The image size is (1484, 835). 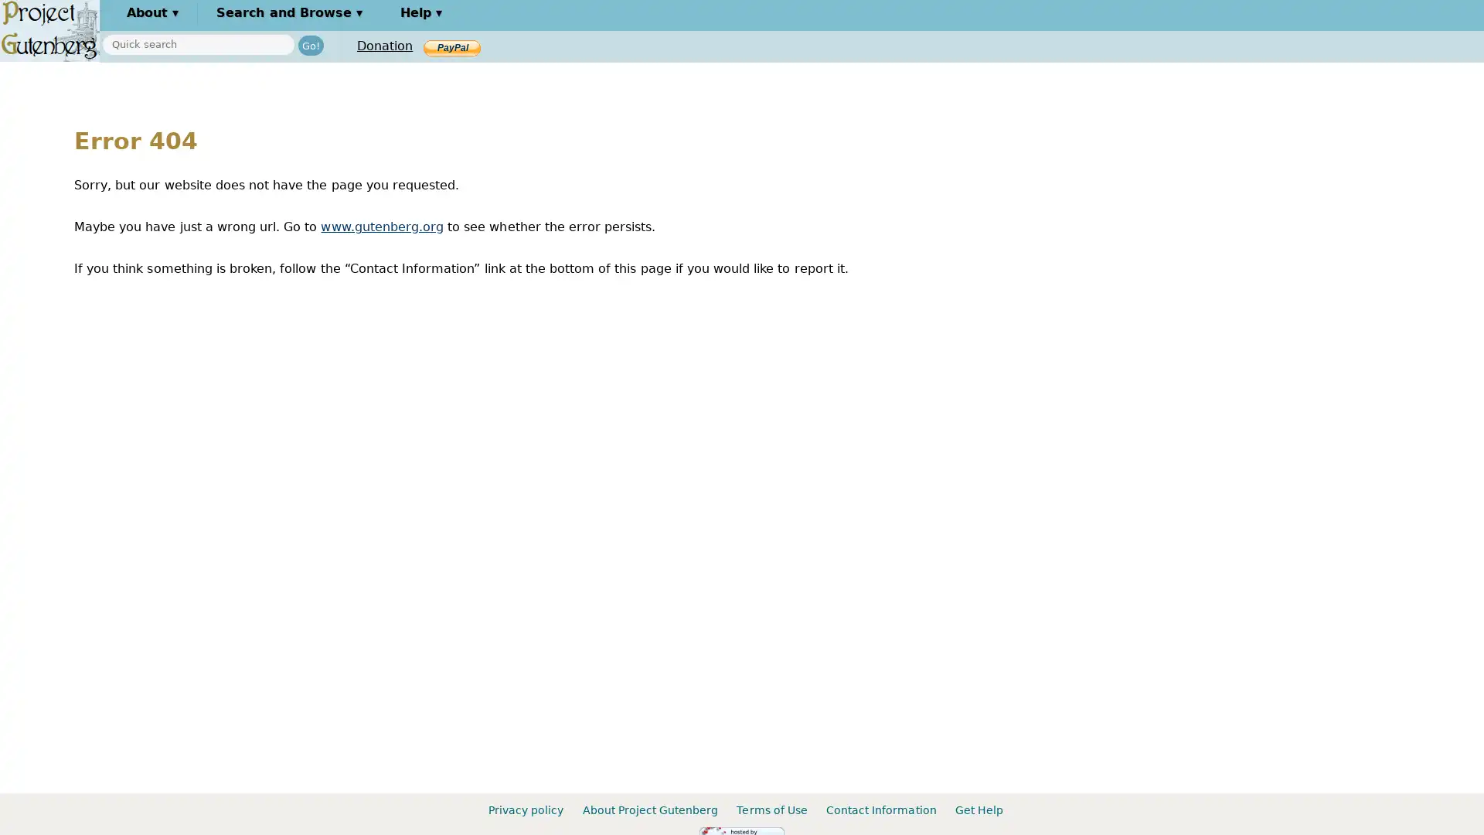 What do you see at coordinates (310, 44) in the screenshot?
I see `Go!` at bounding box center [310, 44].